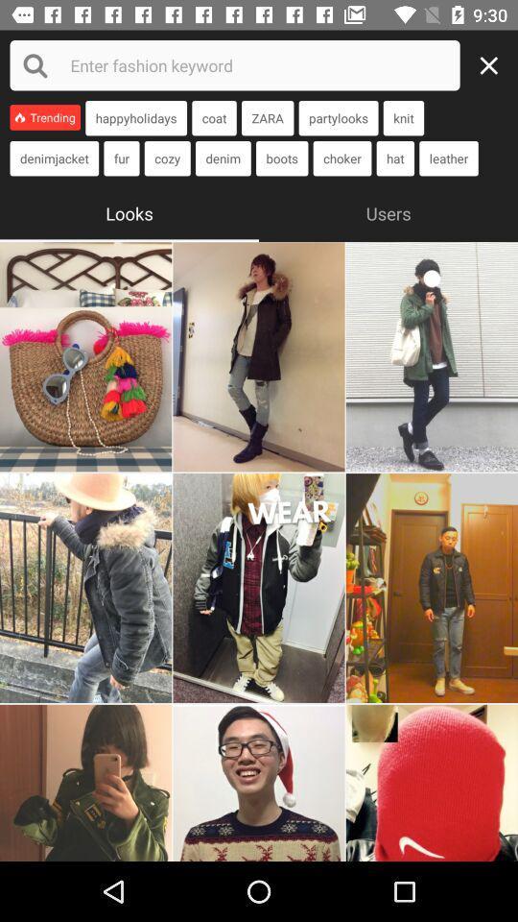 This screenshot has width=518, height=922. What do you see at coordinates (259, 783) in the screenshot?
I see `emojios option` at bounding box center [259, 783].